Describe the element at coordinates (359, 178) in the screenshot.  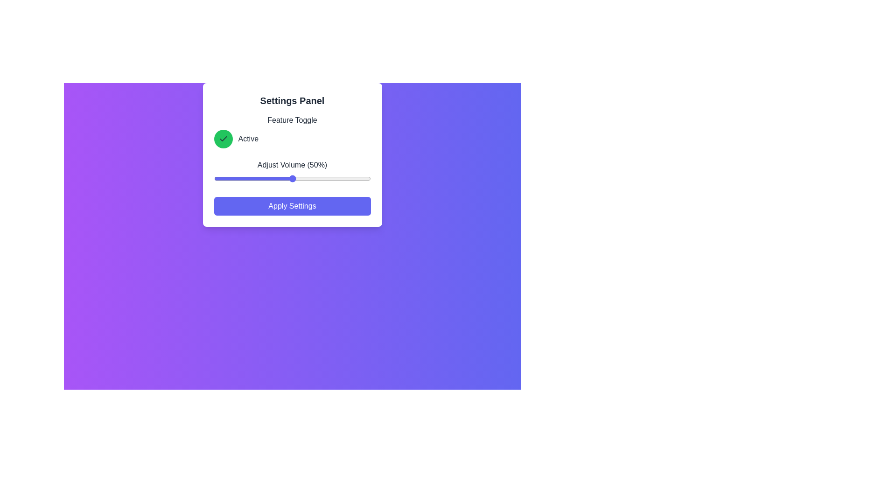
I see `the volume` at that location.